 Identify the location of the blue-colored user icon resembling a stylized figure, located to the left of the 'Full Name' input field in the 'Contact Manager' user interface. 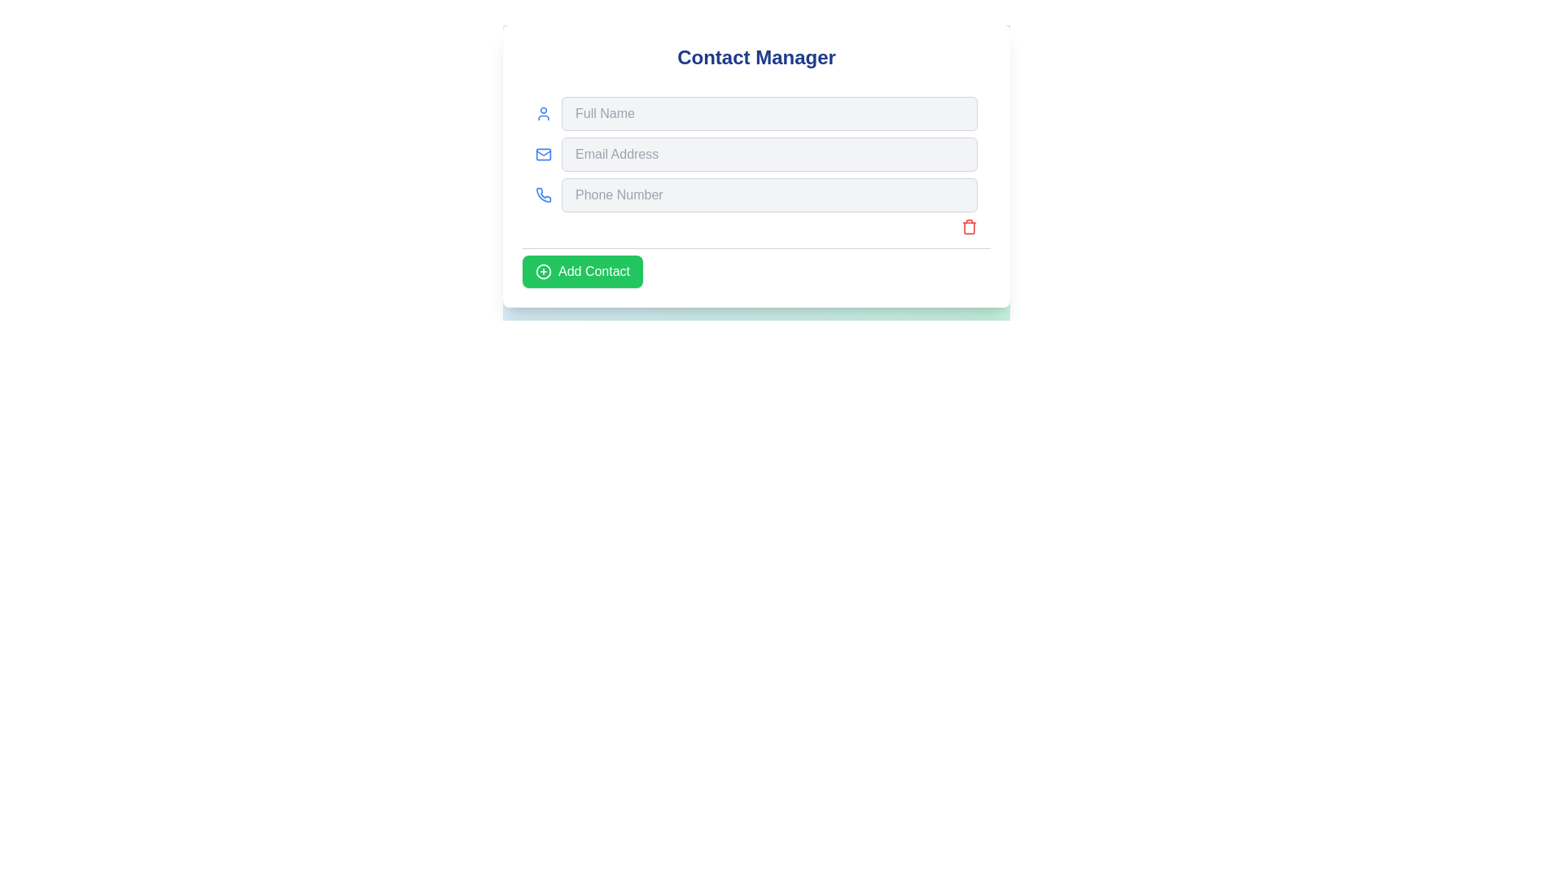
(543, 112).